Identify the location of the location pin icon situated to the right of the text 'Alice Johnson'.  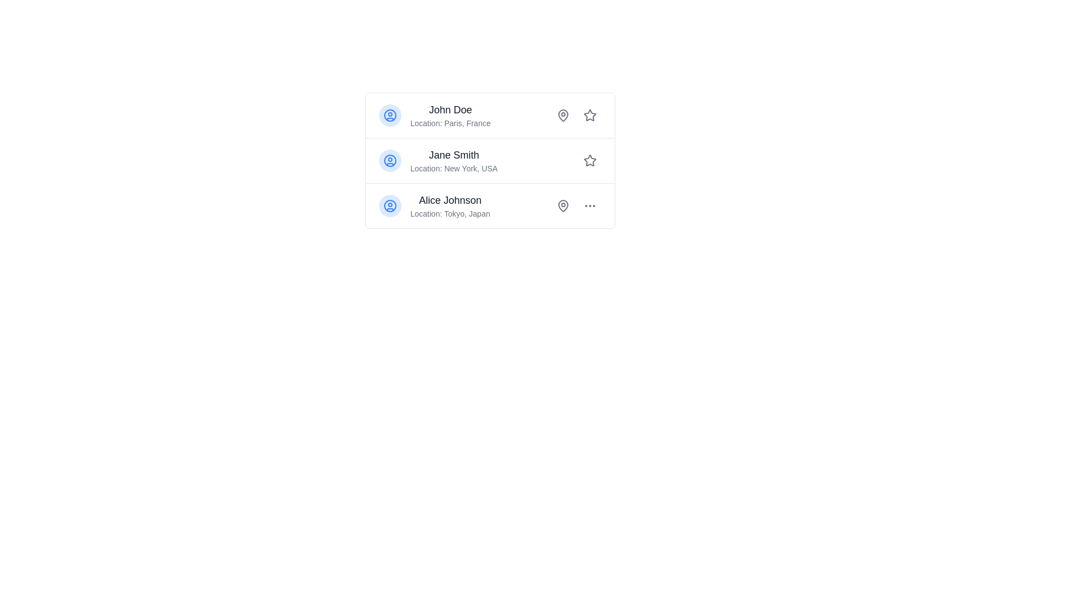
(563, 206).